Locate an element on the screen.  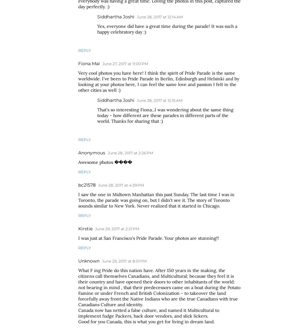
'June 28, 2017 at 2:26 PM' is located at coordinates (130, 152).